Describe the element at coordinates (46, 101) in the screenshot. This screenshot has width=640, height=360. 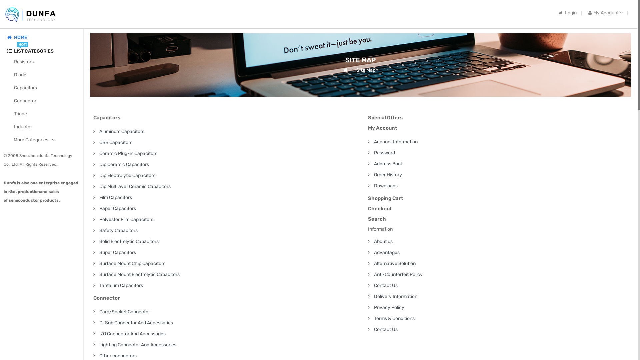
I see `'Connector'` at that location.